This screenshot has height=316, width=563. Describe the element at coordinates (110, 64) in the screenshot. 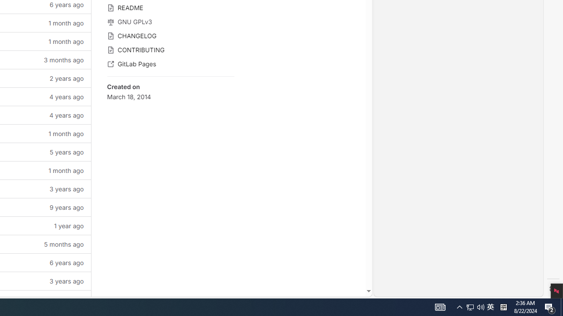

I see `'Class: s16 icon gl-mr-3 gl-text-gray-500'` at that location.